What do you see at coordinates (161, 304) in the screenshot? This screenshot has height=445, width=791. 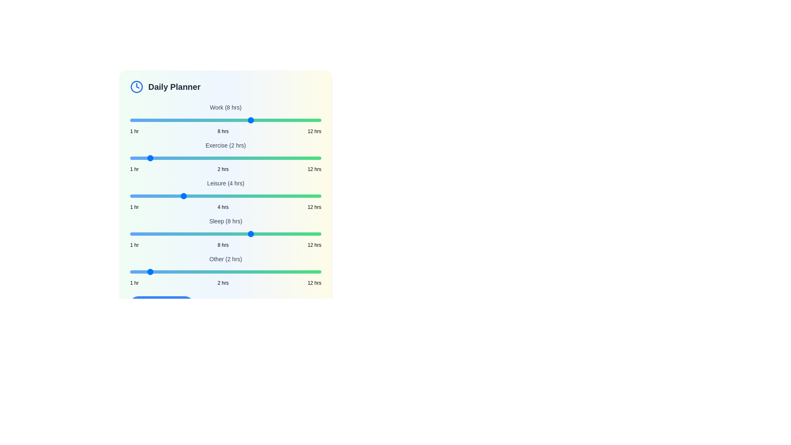 I see `'Save Plan' button` at bounding box center [161, 304].